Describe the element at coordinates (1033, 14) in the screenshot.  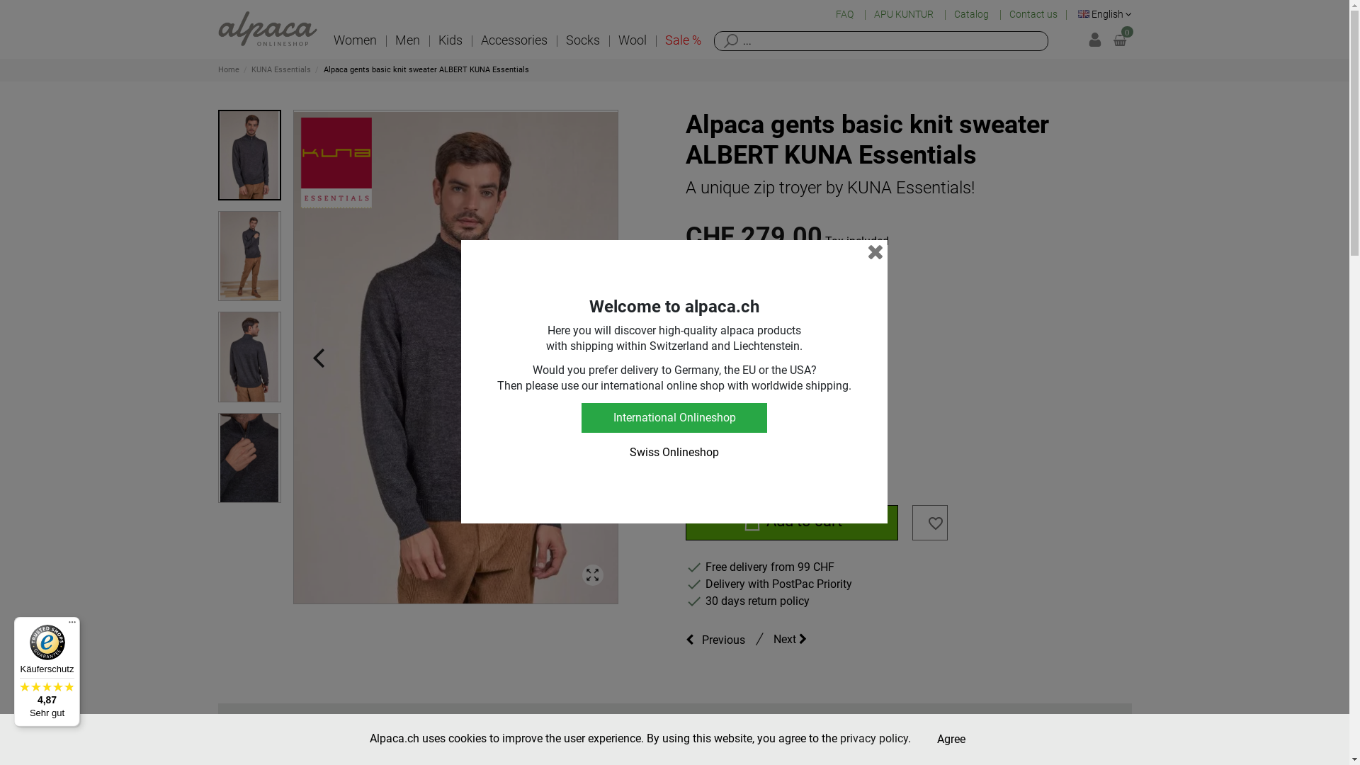
I see `'Contact us'` at that location.